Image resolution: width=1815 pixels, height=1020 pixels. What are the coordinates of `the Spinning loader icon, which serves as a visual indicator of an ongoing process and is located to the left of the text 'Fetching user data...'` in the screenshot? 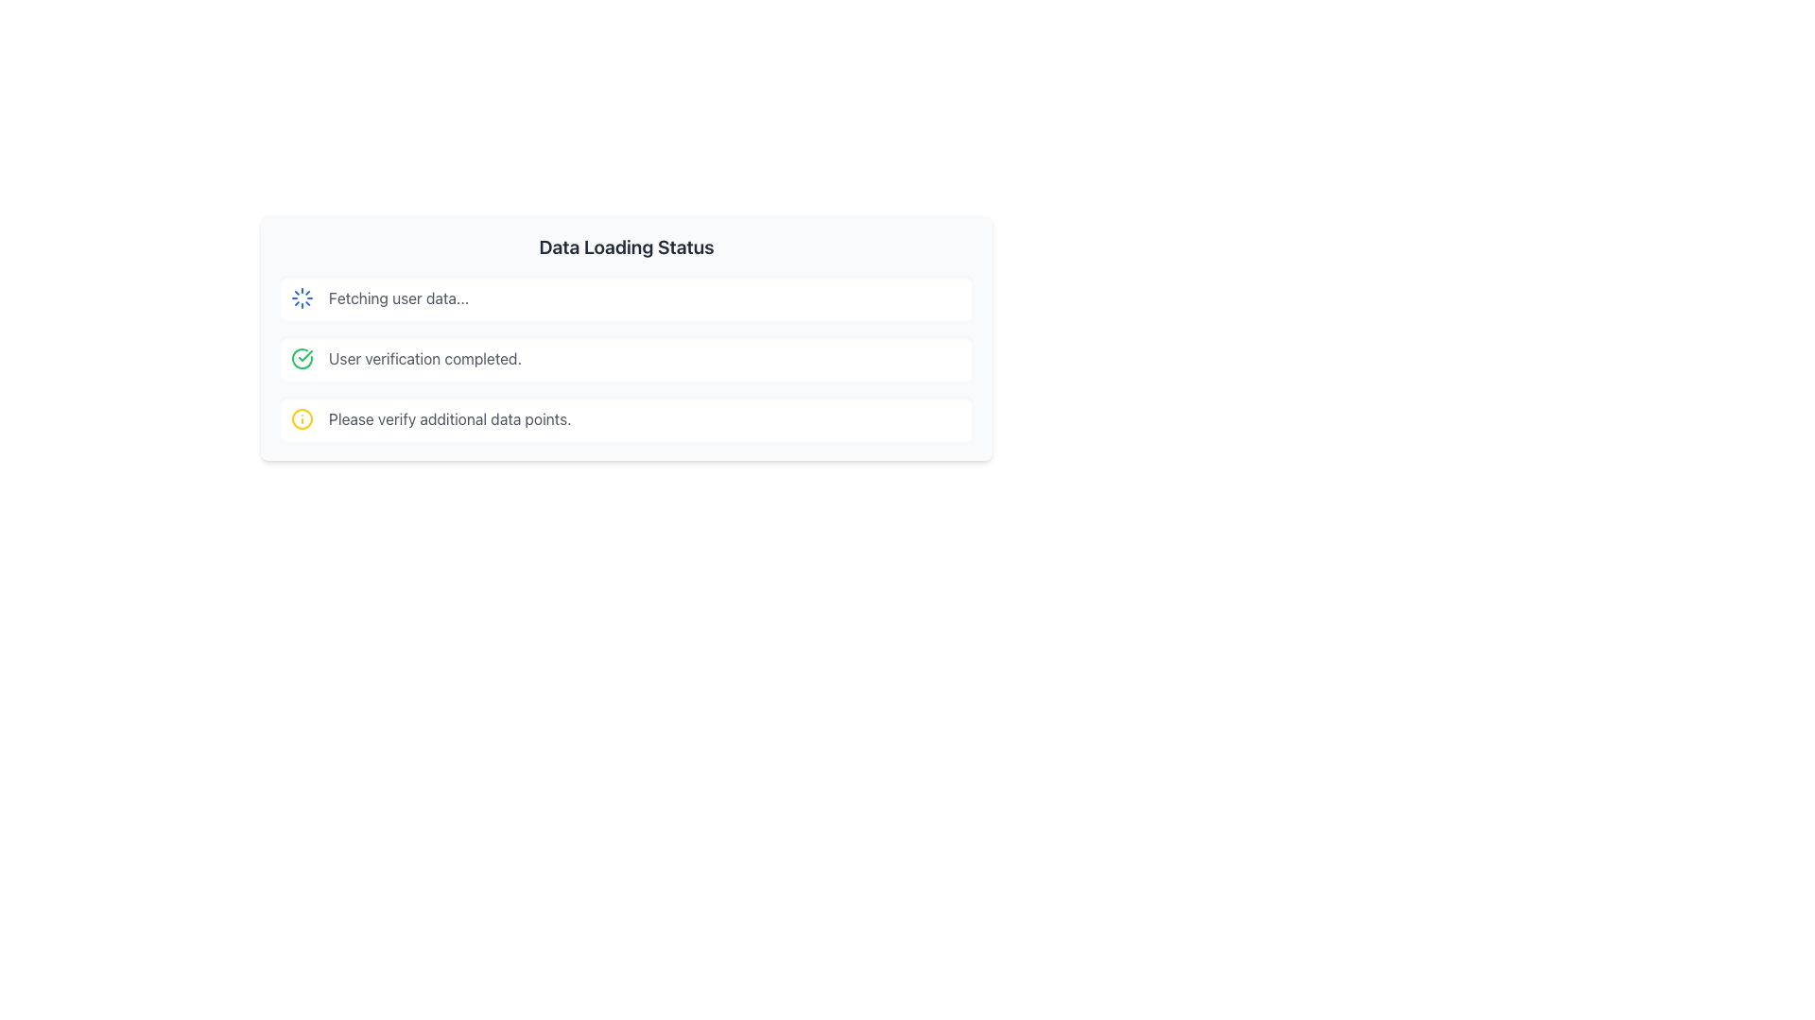 It's located at (302, 297).